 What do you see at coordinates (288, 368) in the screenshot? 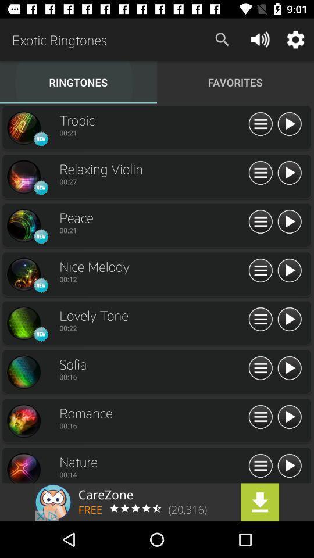
I see `play` at bounding box center [288, 368].